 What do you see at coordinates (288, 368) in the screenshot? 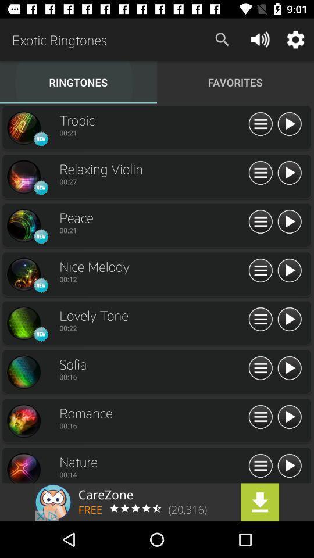
I see `play` at bounding box center [288, 368].